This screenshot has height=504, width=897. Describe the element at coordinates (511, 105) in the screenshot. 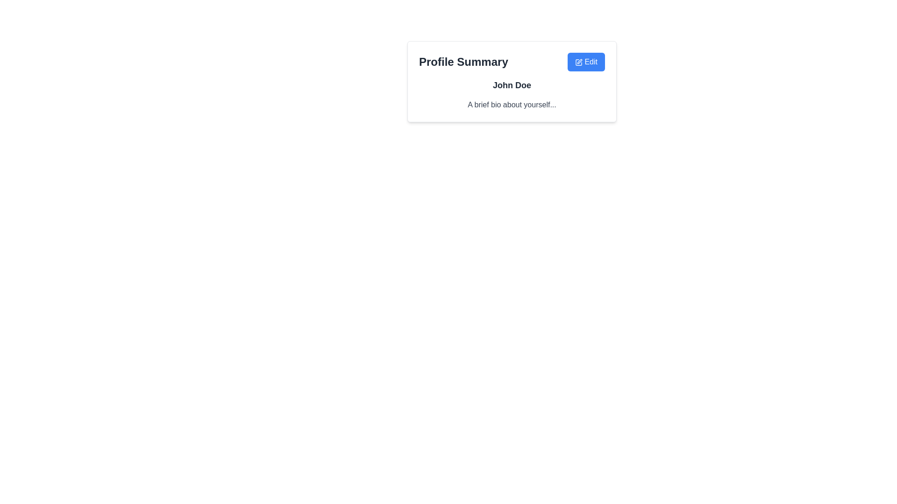

I see `the Text Label that prompts the user for a brief bio, located directly below the title 'John Doe'` at that location.